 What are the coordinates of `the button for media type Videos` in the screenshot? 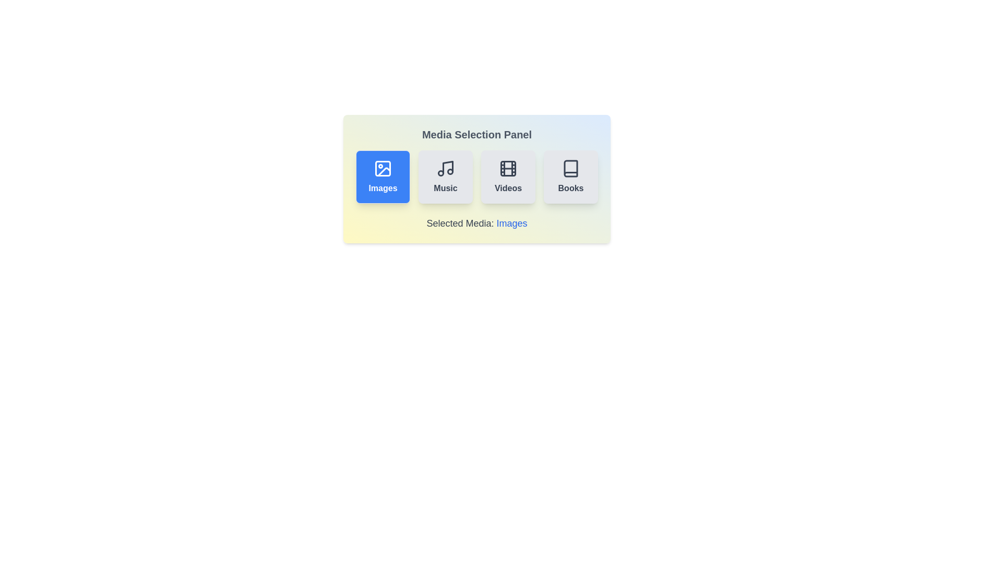 It's located at (508, 177).